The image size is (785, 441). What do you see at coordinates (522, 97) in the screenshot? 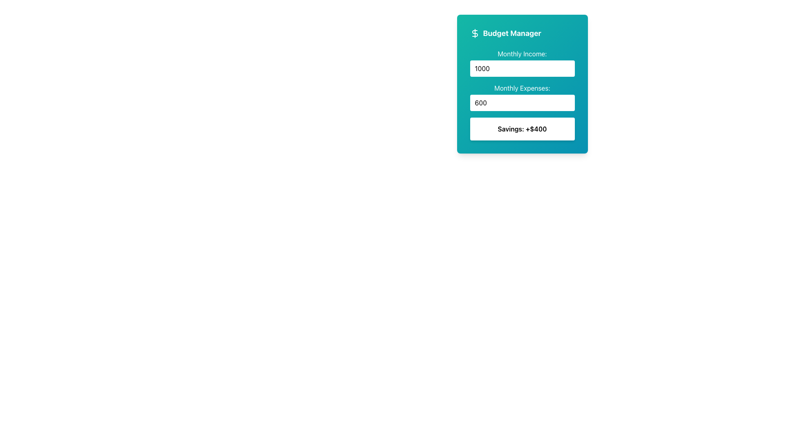
I see `the static Text label that indicates the input field for monthly expenses, located in the Budget Manager widget, which is below the Monthly Income label and above the Savings label` at bounding box center [522, 97].